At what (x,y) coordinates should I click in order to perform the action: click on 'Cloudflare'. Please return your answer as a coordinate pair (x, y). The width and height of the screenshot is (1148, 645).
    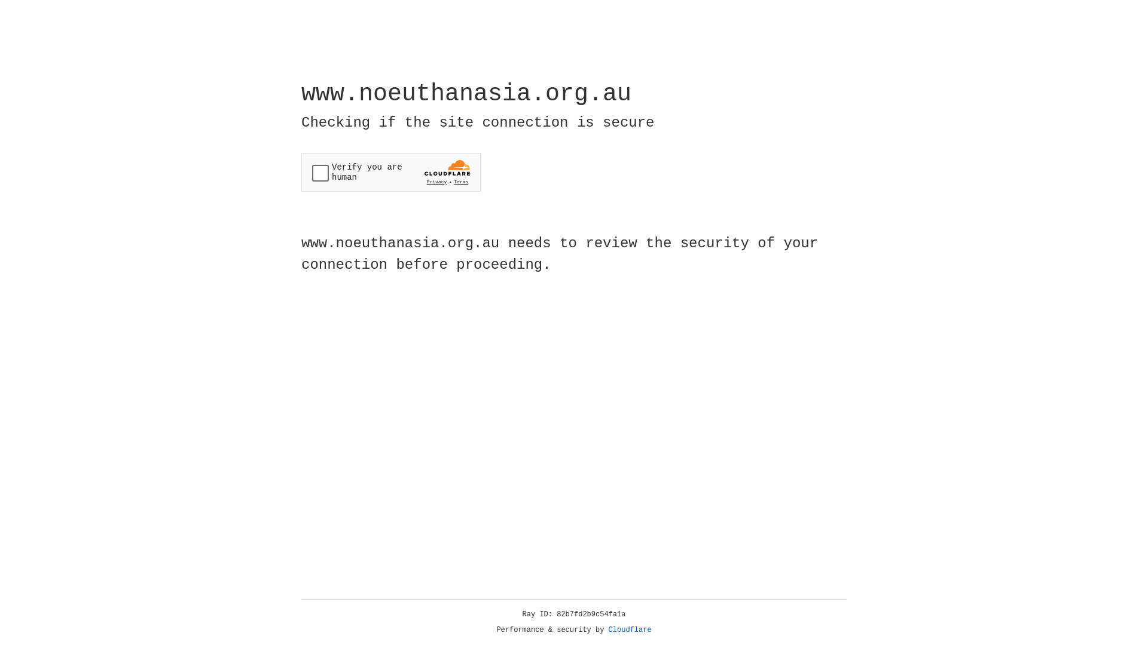
    Looking at the image, I should click on (630, 629).